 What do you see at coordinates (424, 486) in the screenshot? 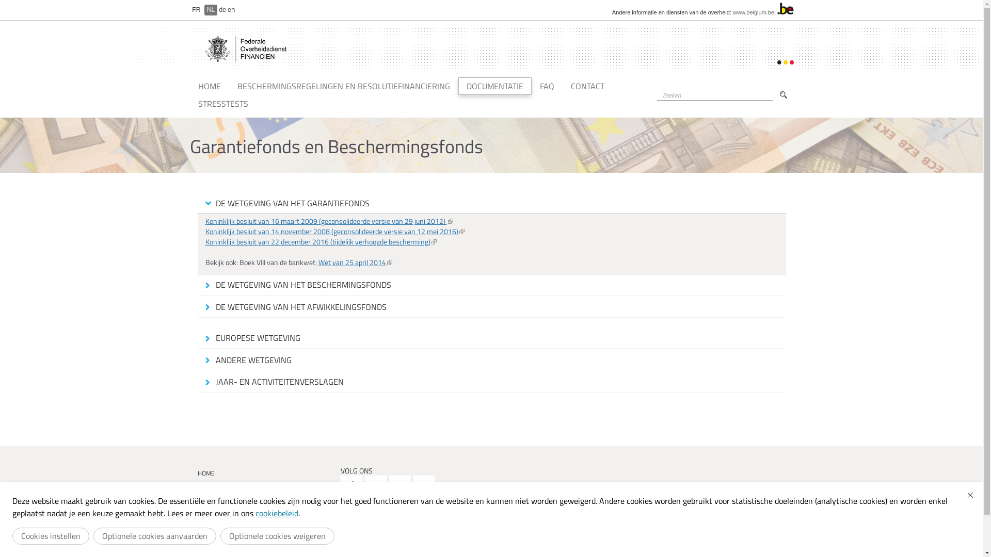
I see `'LinkedIn'` at bounding box center [424, 486].